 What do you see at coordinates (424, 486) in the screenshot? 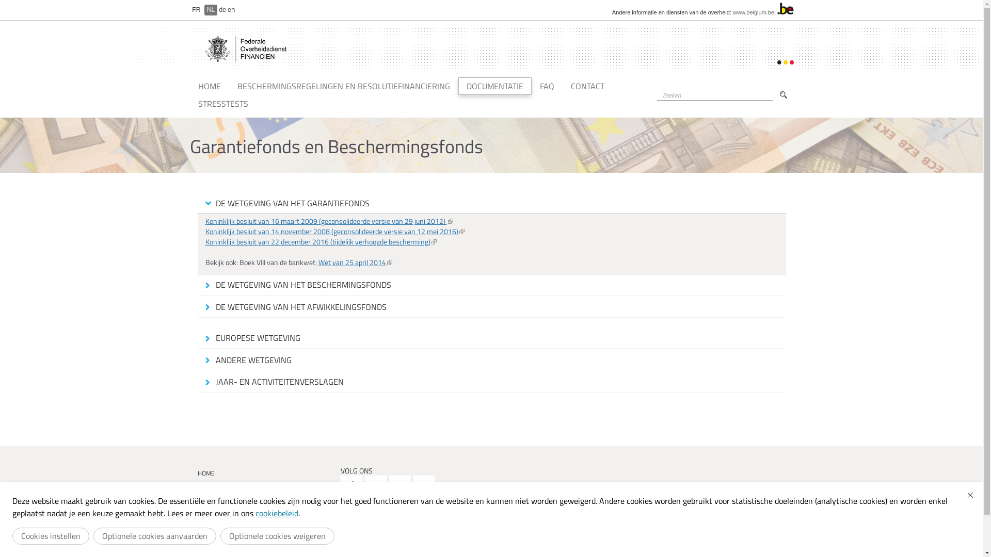
I see `'LinkedIn'` at bounding box center [424, 486].